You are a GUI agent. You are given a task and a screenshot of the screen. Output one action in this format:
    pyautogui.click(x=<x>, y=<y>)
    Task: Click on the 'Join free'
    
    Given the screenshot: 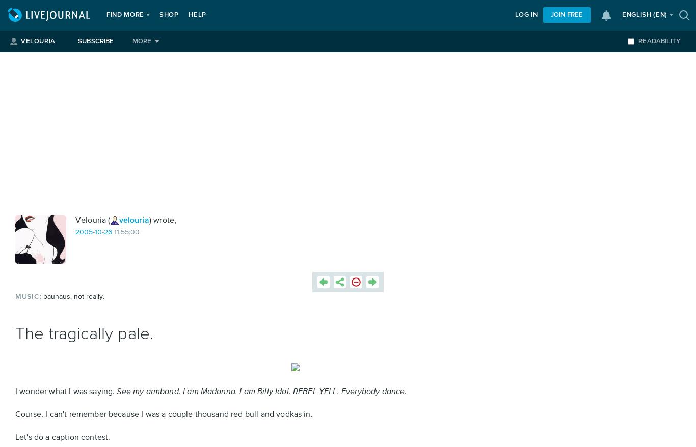 What is the action you would take?
    pyautogui.click(x=566, y=14)
    